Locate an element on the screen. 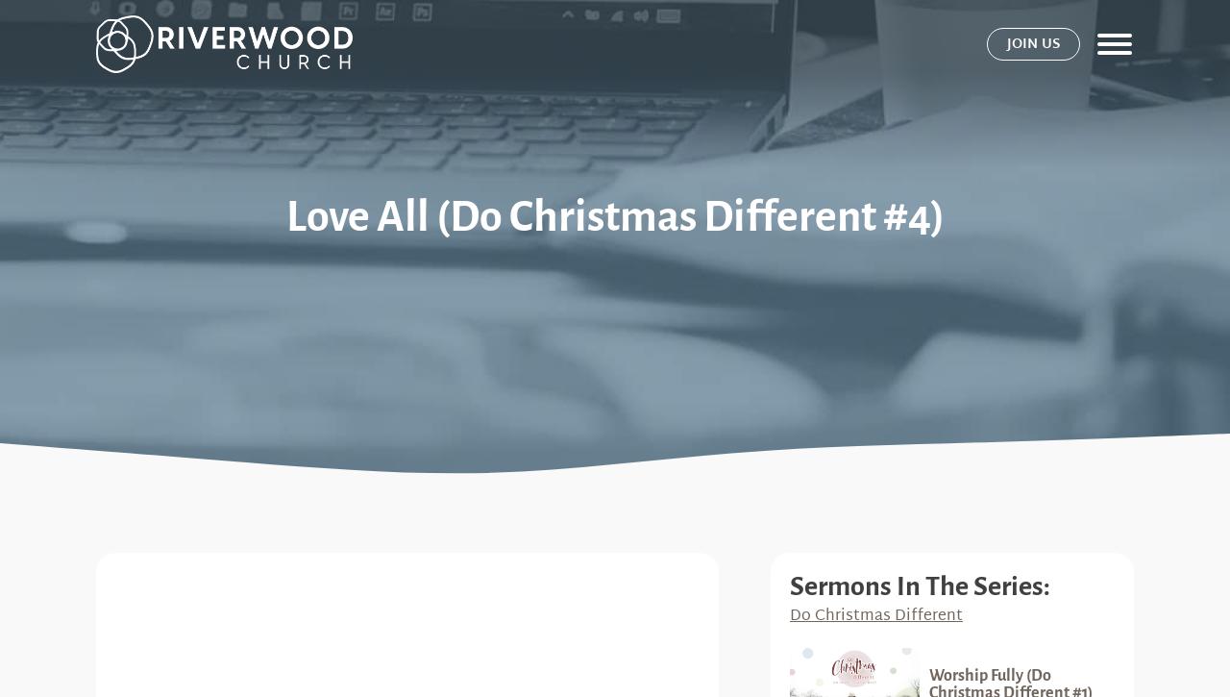 The width and height of the screenshot is (1230, 697). 'Text:' is located at coordinates (133, 586).